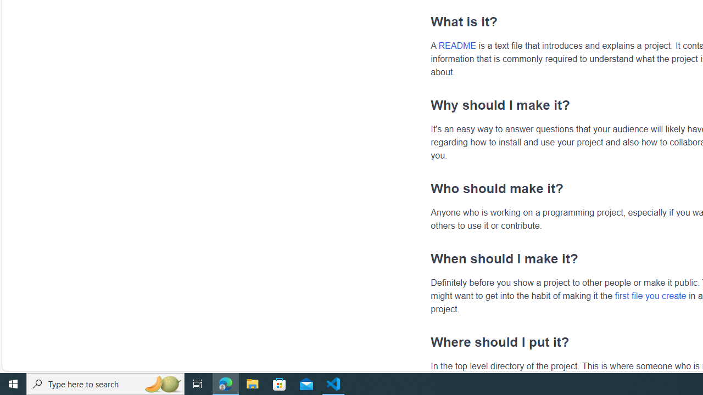 The height and width of the screenshot is (395, 703). Describe the element at coordinates (650, 295) in the screenshot. I see `'first file you create'` at that location.